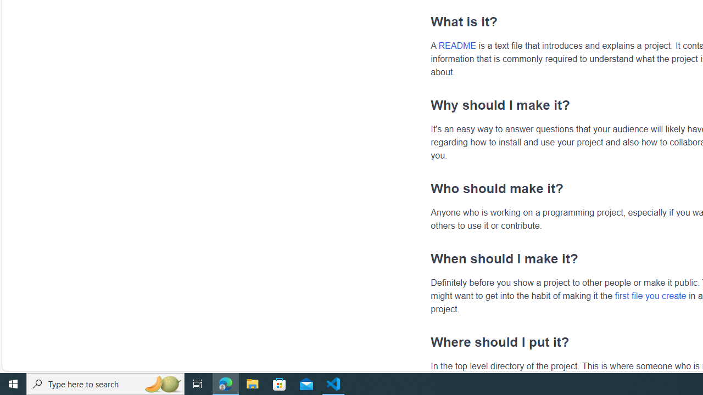 The height and width of the screenshot is (395, 703). Describe the element at coordinates (650, 295) in the screenshot. I see `'first file you create'` at that location.